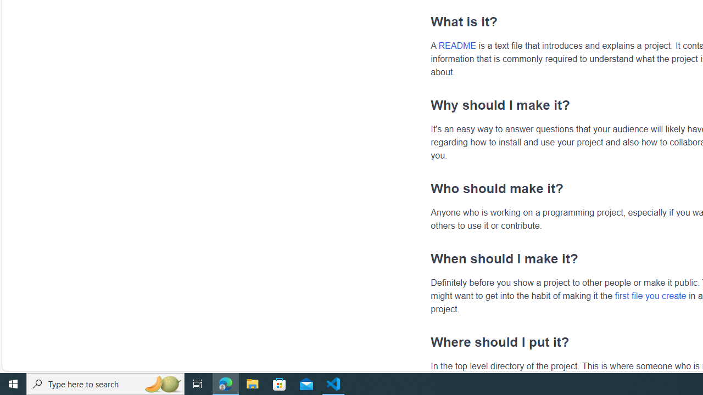 The height and width of the screenshot is (395, 703). Describe the element at coordinates (650, 295) in the screenshot. I see `'first file you create'` at that location.